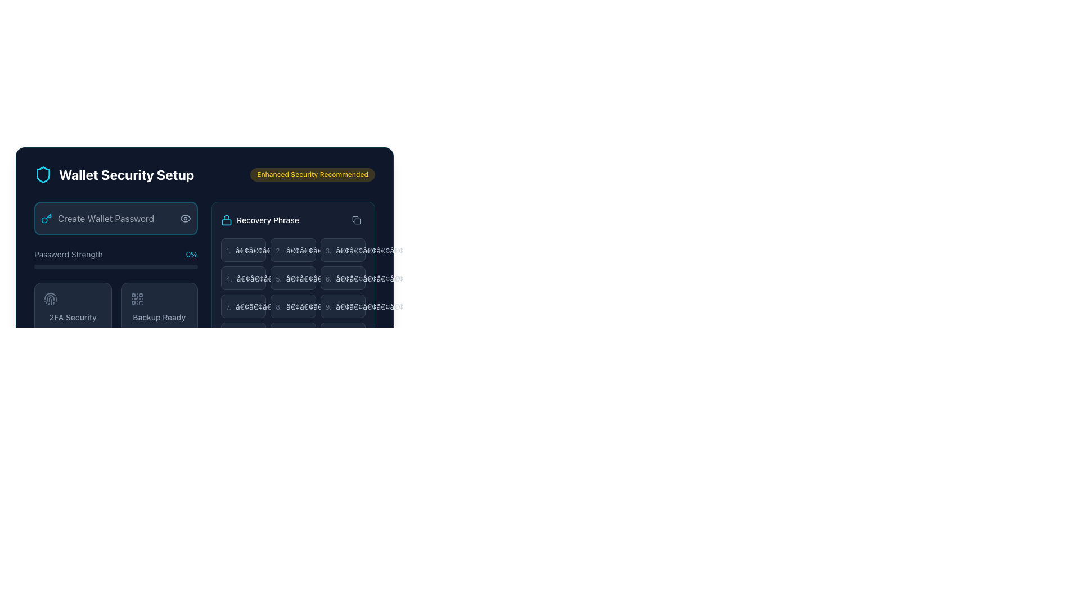 The height and width of the screenshot is (607, 1080). What do you see at coordinates (67, 254) in the screenshot?
I see `the text label displaying 'Password Strength', which is styled with a small font size and a muted slate color, located below the 'Create Wallet Password' input field` at bounding box center [67, 254].